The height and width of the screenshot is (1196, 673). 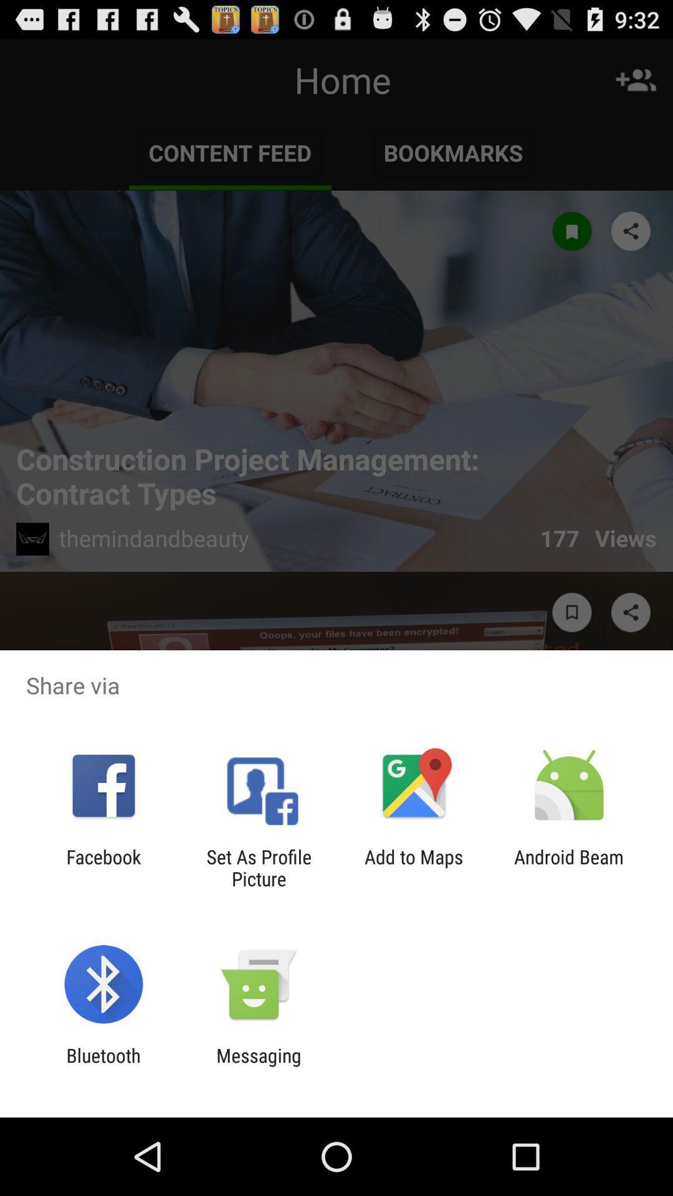 I want to click on the facebook icon, so click(x=103, y=867).